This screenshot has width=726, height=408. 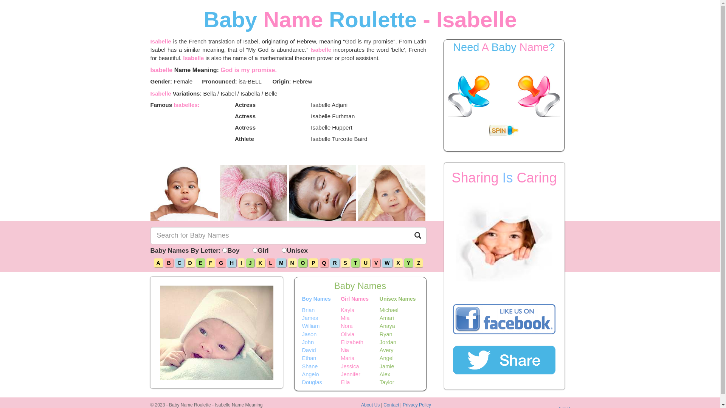 I want to click on 'E', so click(x=200, y=262).